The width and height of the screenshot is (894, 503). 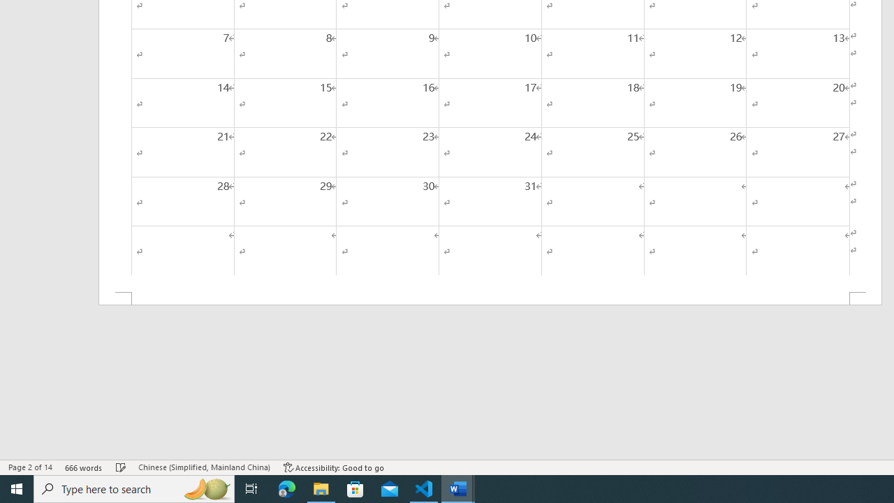 What do you see at coordinates (333, 467) in the screenshot?
I see `'Accessibility Checker Accessibility: Good to go'` at bounding box center [333, 467].